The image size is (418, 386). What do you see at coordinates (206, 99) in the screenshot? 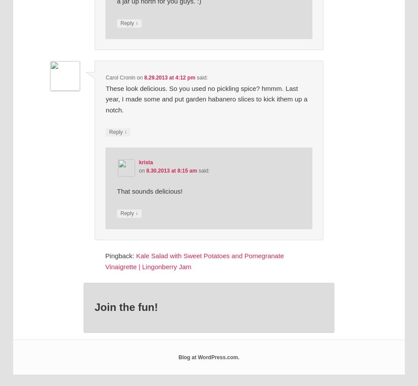
I see `'These look delicious.  So you used no pickling spice?  hmmm.  Last year, I made some and put garden habanero slices to kick ithem up a notch.'` at bounding box center [206, 99].